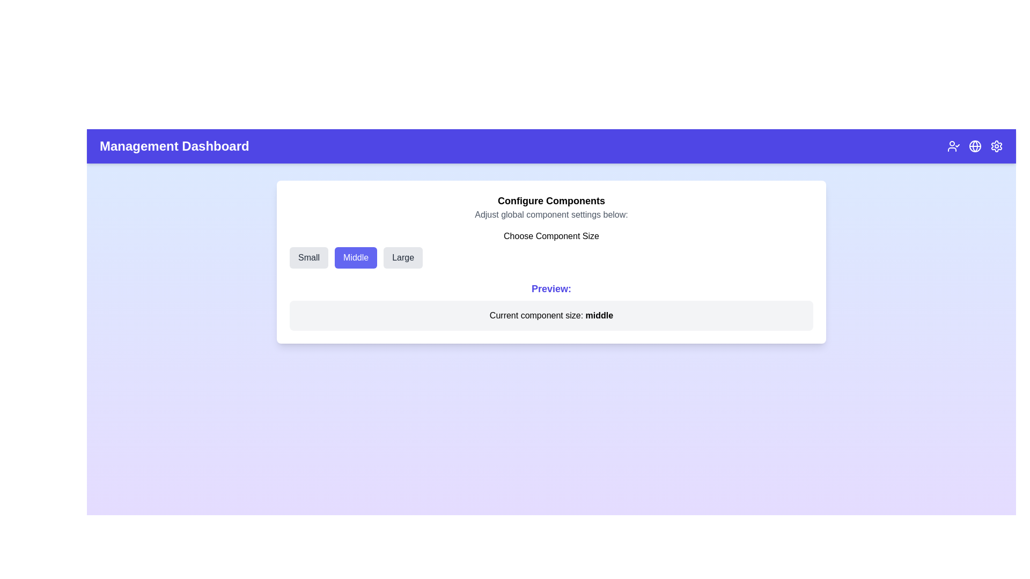 This screenshot has width=1030, height=579. I want to click on title from the Text Label located at the left side of the navy blue header bar, which serves as the page header for the Management Dashboard, so click(174, 146).